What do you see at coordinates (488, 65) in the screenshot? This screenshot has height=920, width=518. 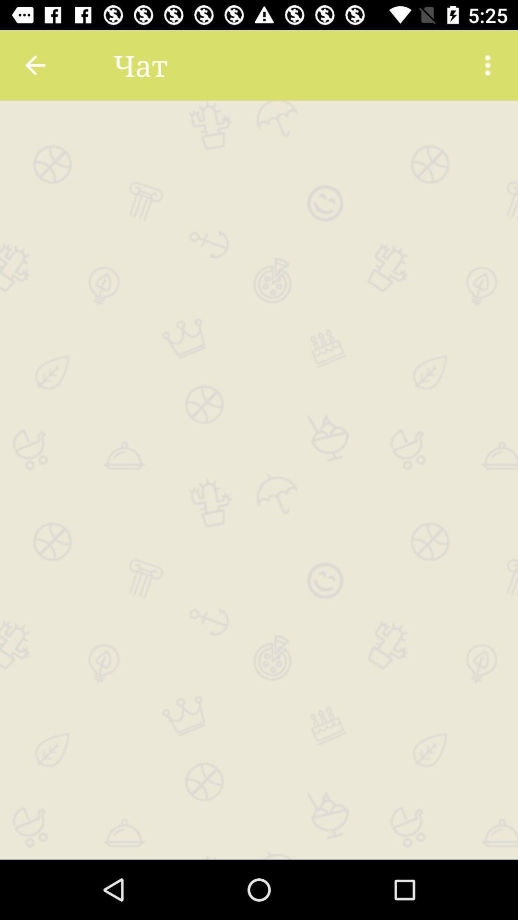 I see `more information` at bounding box center [488, 65].